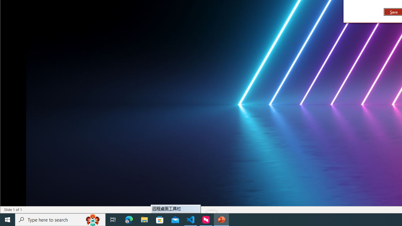 The image size is (402, 226). Describe the element at coordinates (60, 219) in the screenshot. I see `'Type here to search'` at that location.